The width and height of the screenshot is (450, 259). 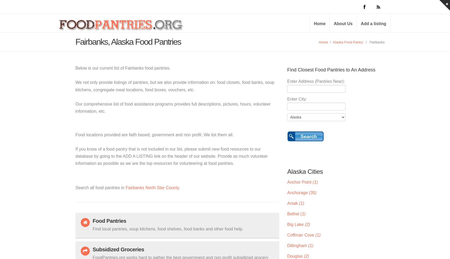 What do you see at coordinates (287, 224) in the screenshot?
I see `'Big Lake'` at bounding box center [287, 224].